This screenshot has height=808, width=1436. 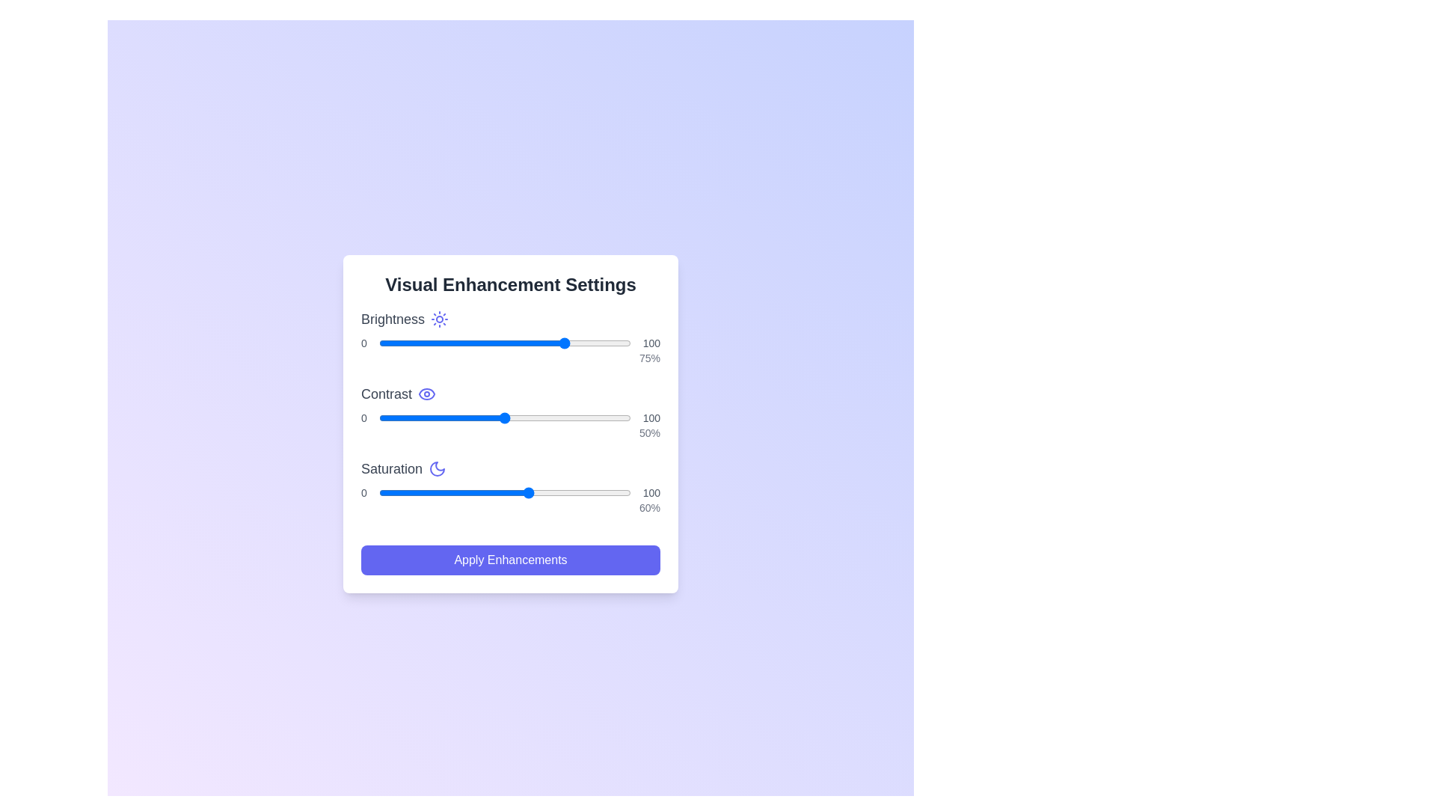 I want to click on the icon for contrast to display its tooltip, so click(x=426, y=394).